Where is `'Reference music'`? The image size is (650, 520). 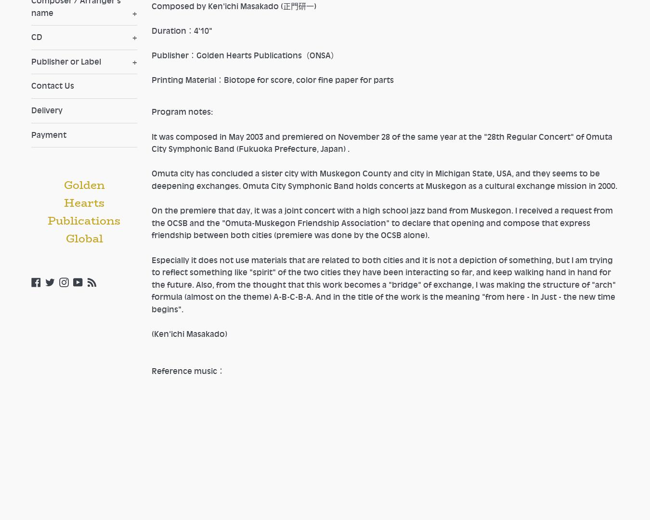
'Reference music' is located at coordinates (184, 371).